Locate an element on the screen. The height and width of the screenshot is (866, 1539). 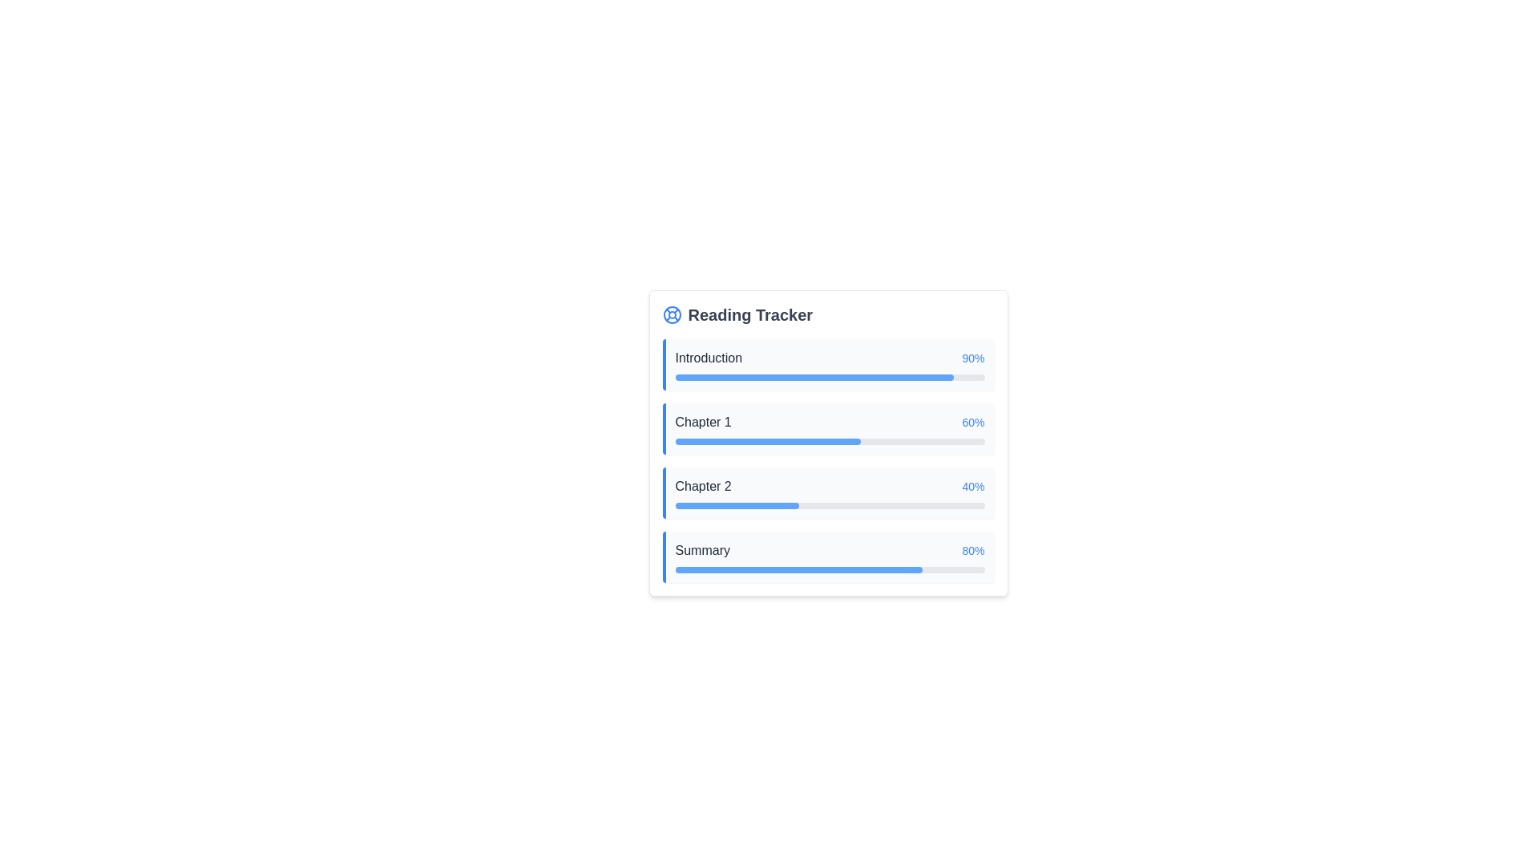
the textual display component that shows a progress percentage, located centrally at the bottom of the list, fourth from the top is located at coordinates (830, 549).